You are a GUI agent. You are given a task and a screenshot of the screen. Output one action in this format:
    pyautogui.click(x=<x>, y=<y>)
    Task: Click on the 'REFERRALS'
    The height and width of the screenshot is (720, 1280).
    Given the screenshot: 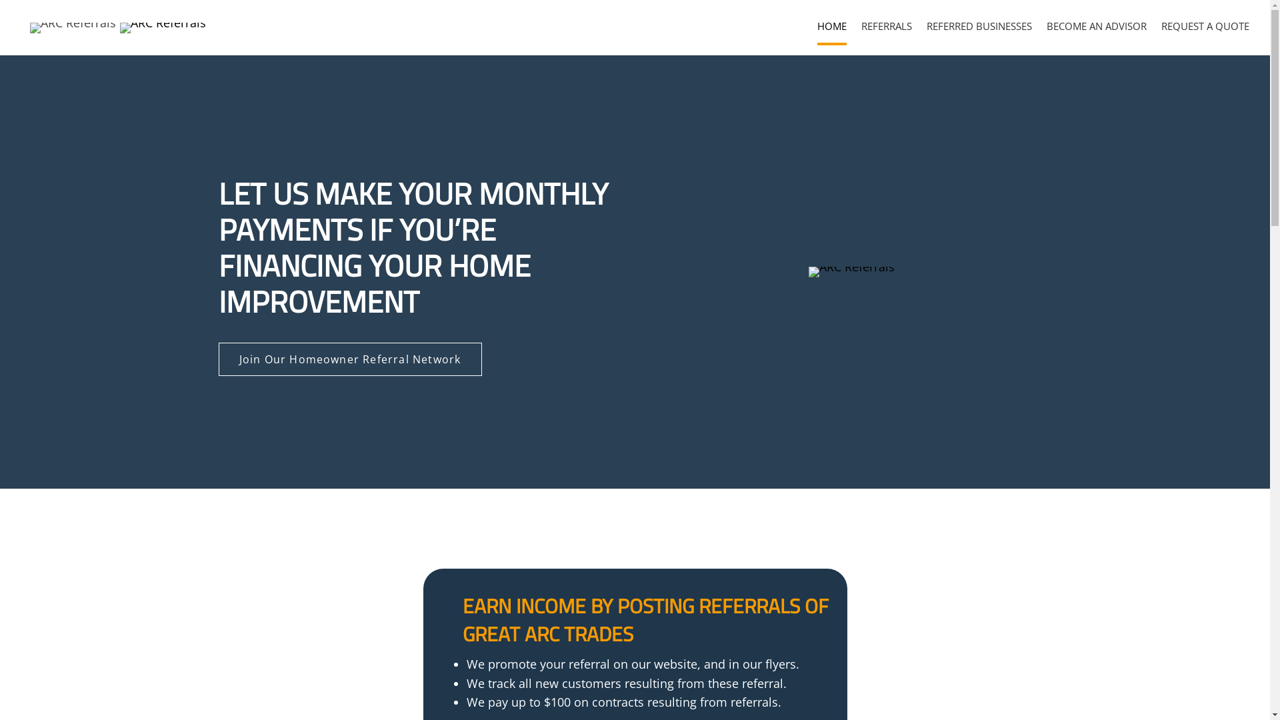 What is the action you would take?
    pyautogui.click(x=886, y=25)
    